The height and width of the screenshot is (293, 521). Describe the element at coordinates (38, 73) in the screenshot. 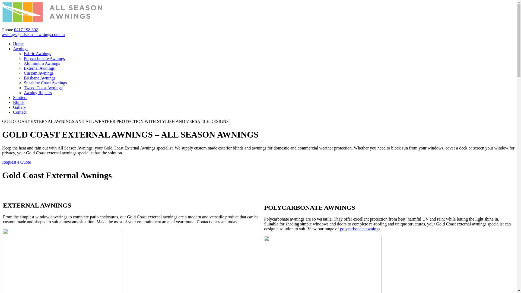

I see `'Custom Awnings'` at that location.